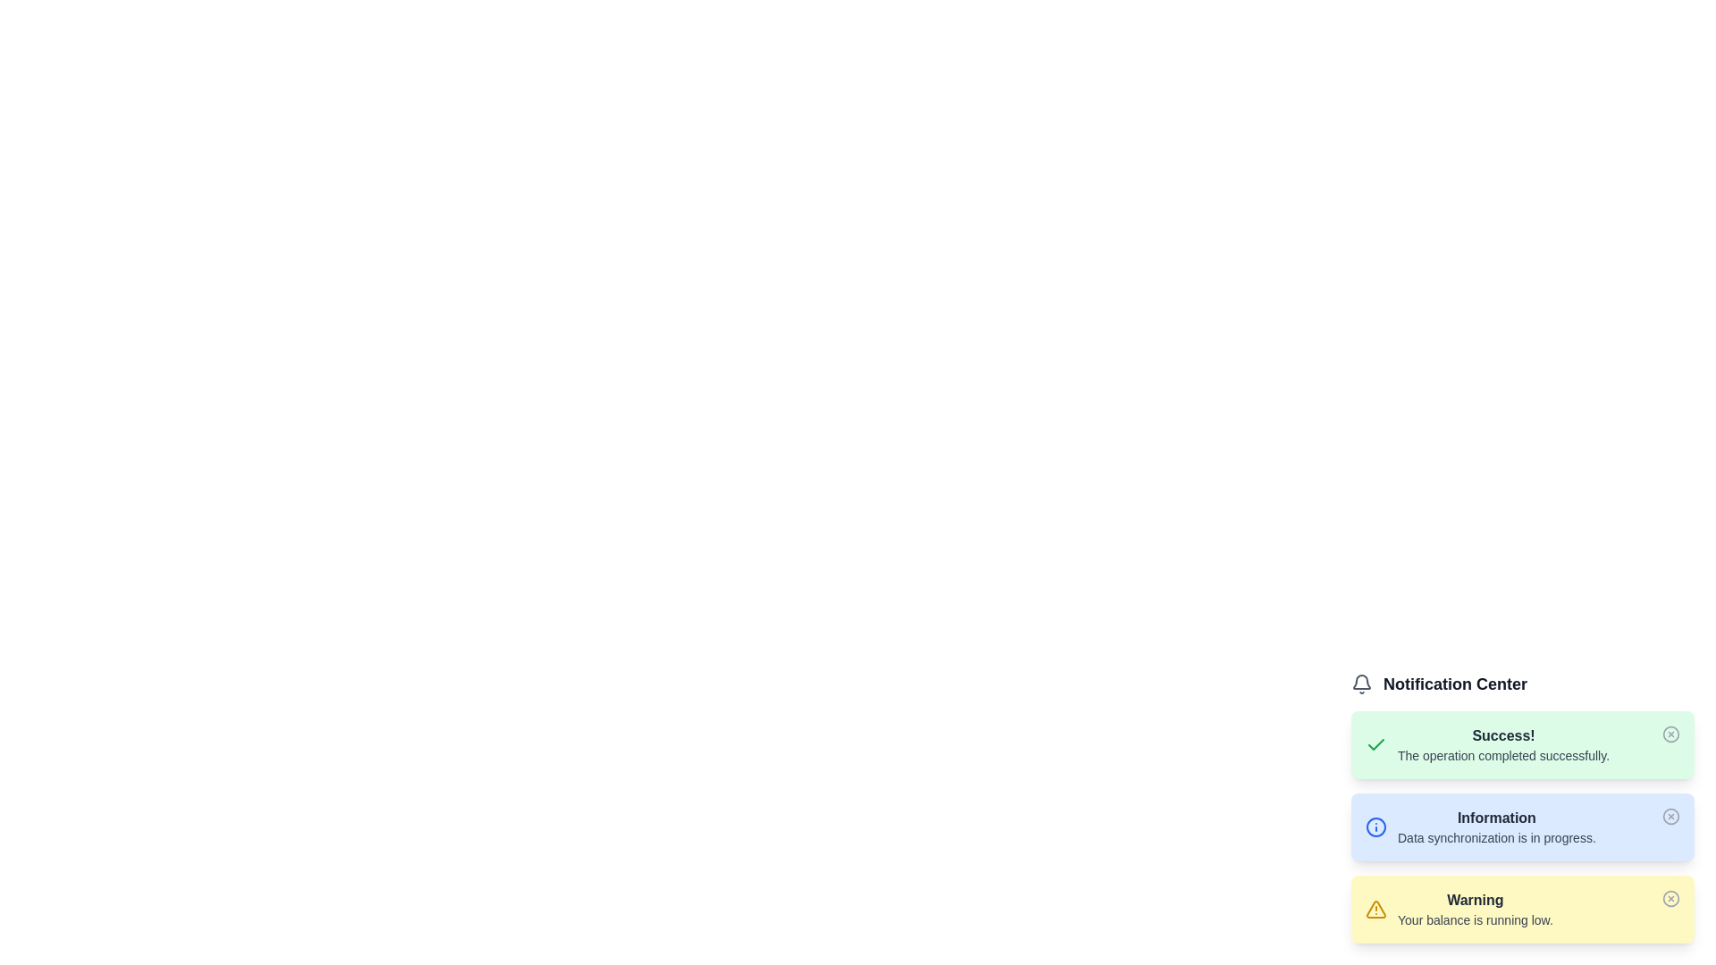 The height and width of the screenshot is (965, 1716). Describe the element at coordinates (1522, 684) in the screenshot. I see `the 'Notification Center' text label which is styled in bold and large font, located at the top of the notification section, right-aligned above the notification messages` at that location.